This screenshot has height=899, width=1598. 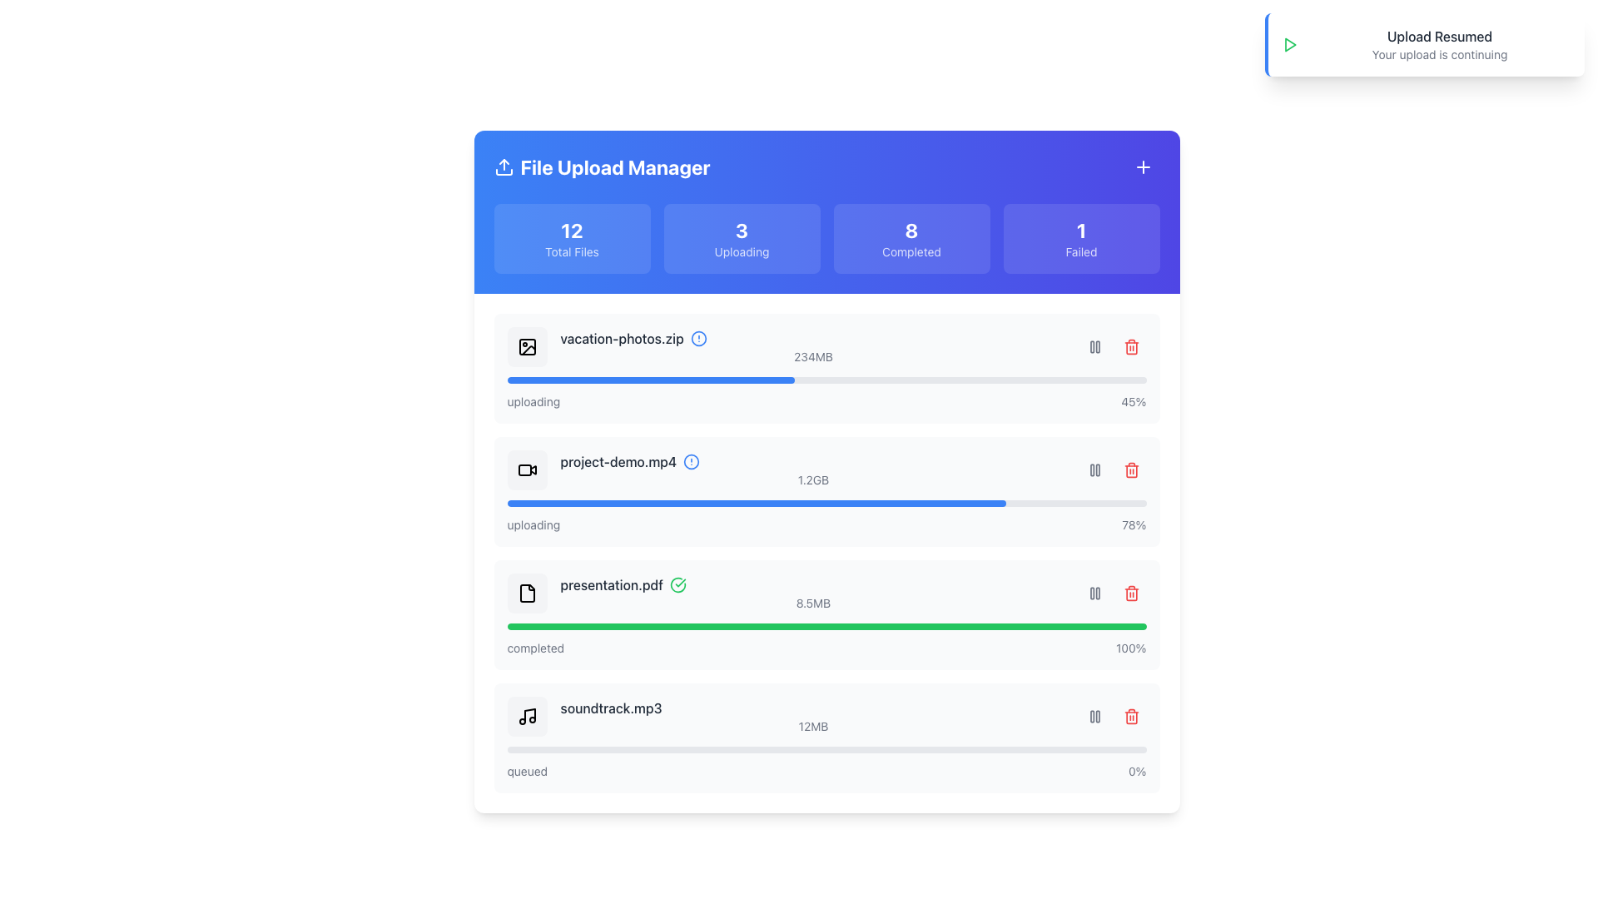 What do you see at coordinates (526, 469) in the screenshot?
I see `the video camera icon located in the second file entry row` at bounding box center [526, 469].